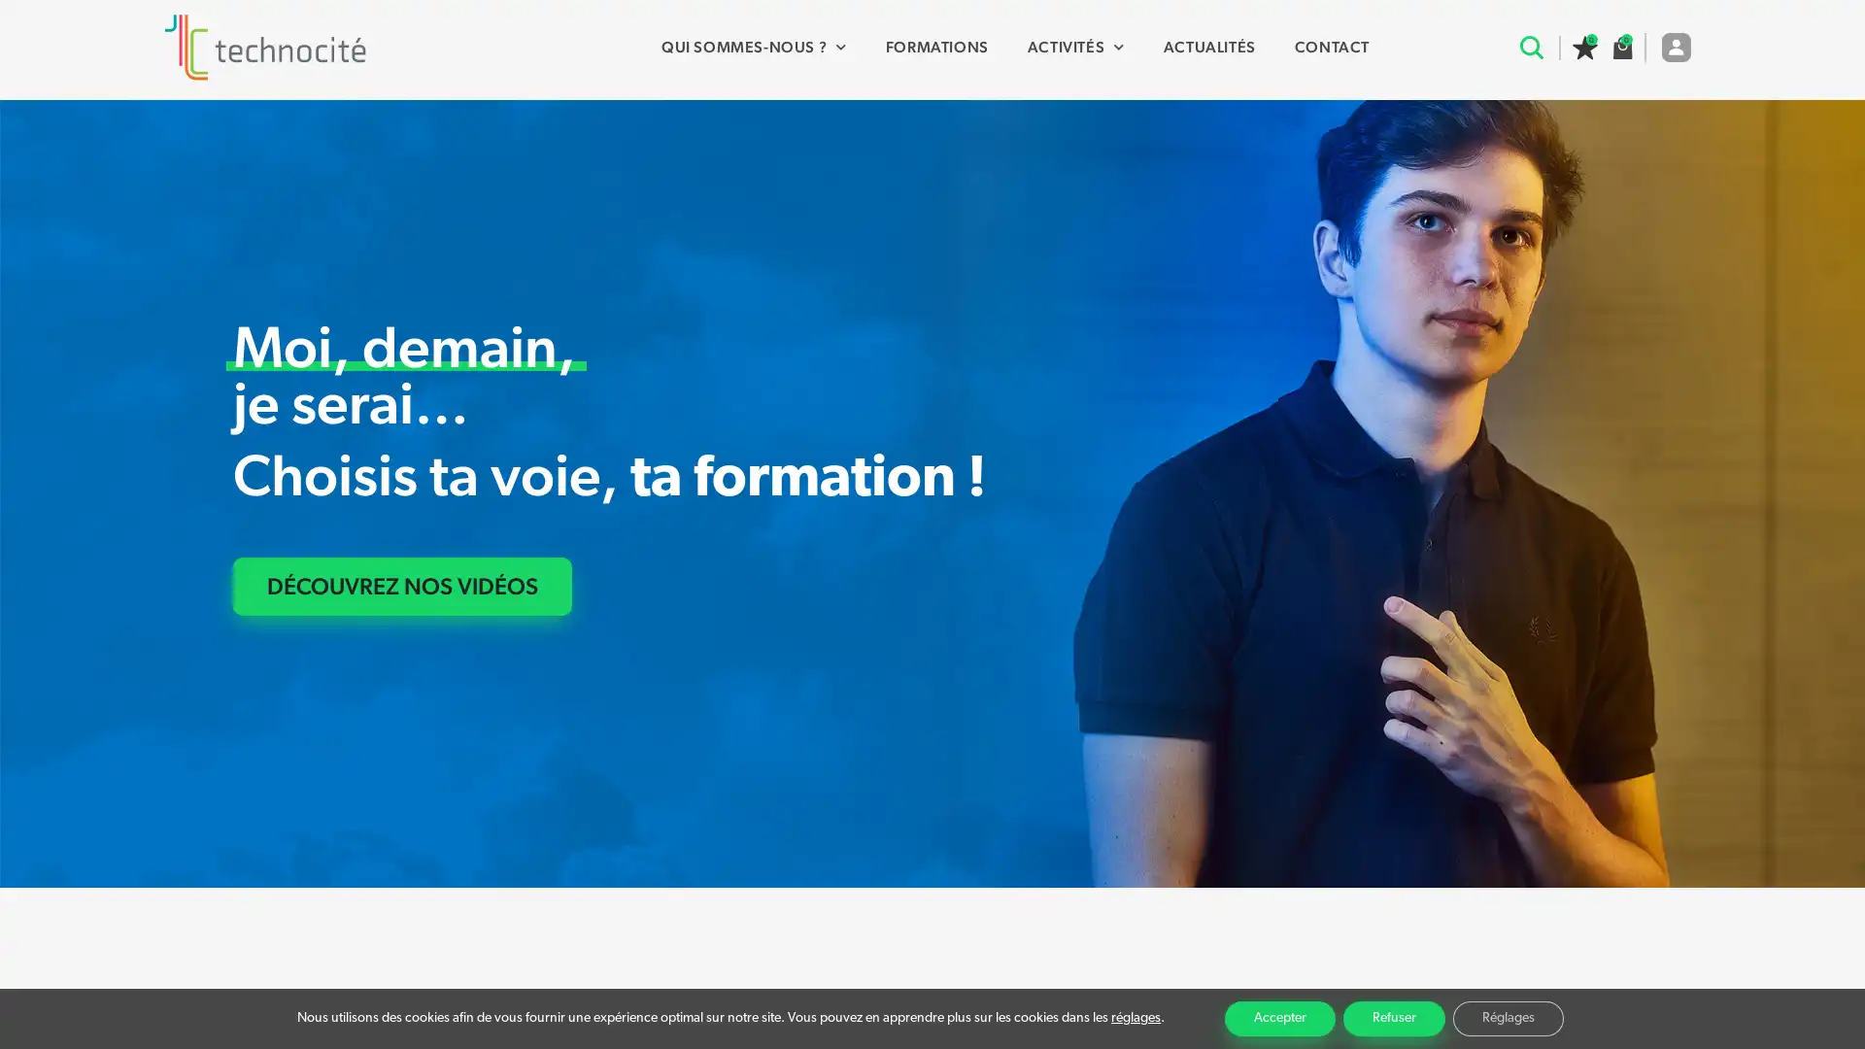  What do you see at coordinates (1506, 1018) in the screenshot?
I see `Reglages` at bounding box center [1506, 1018].